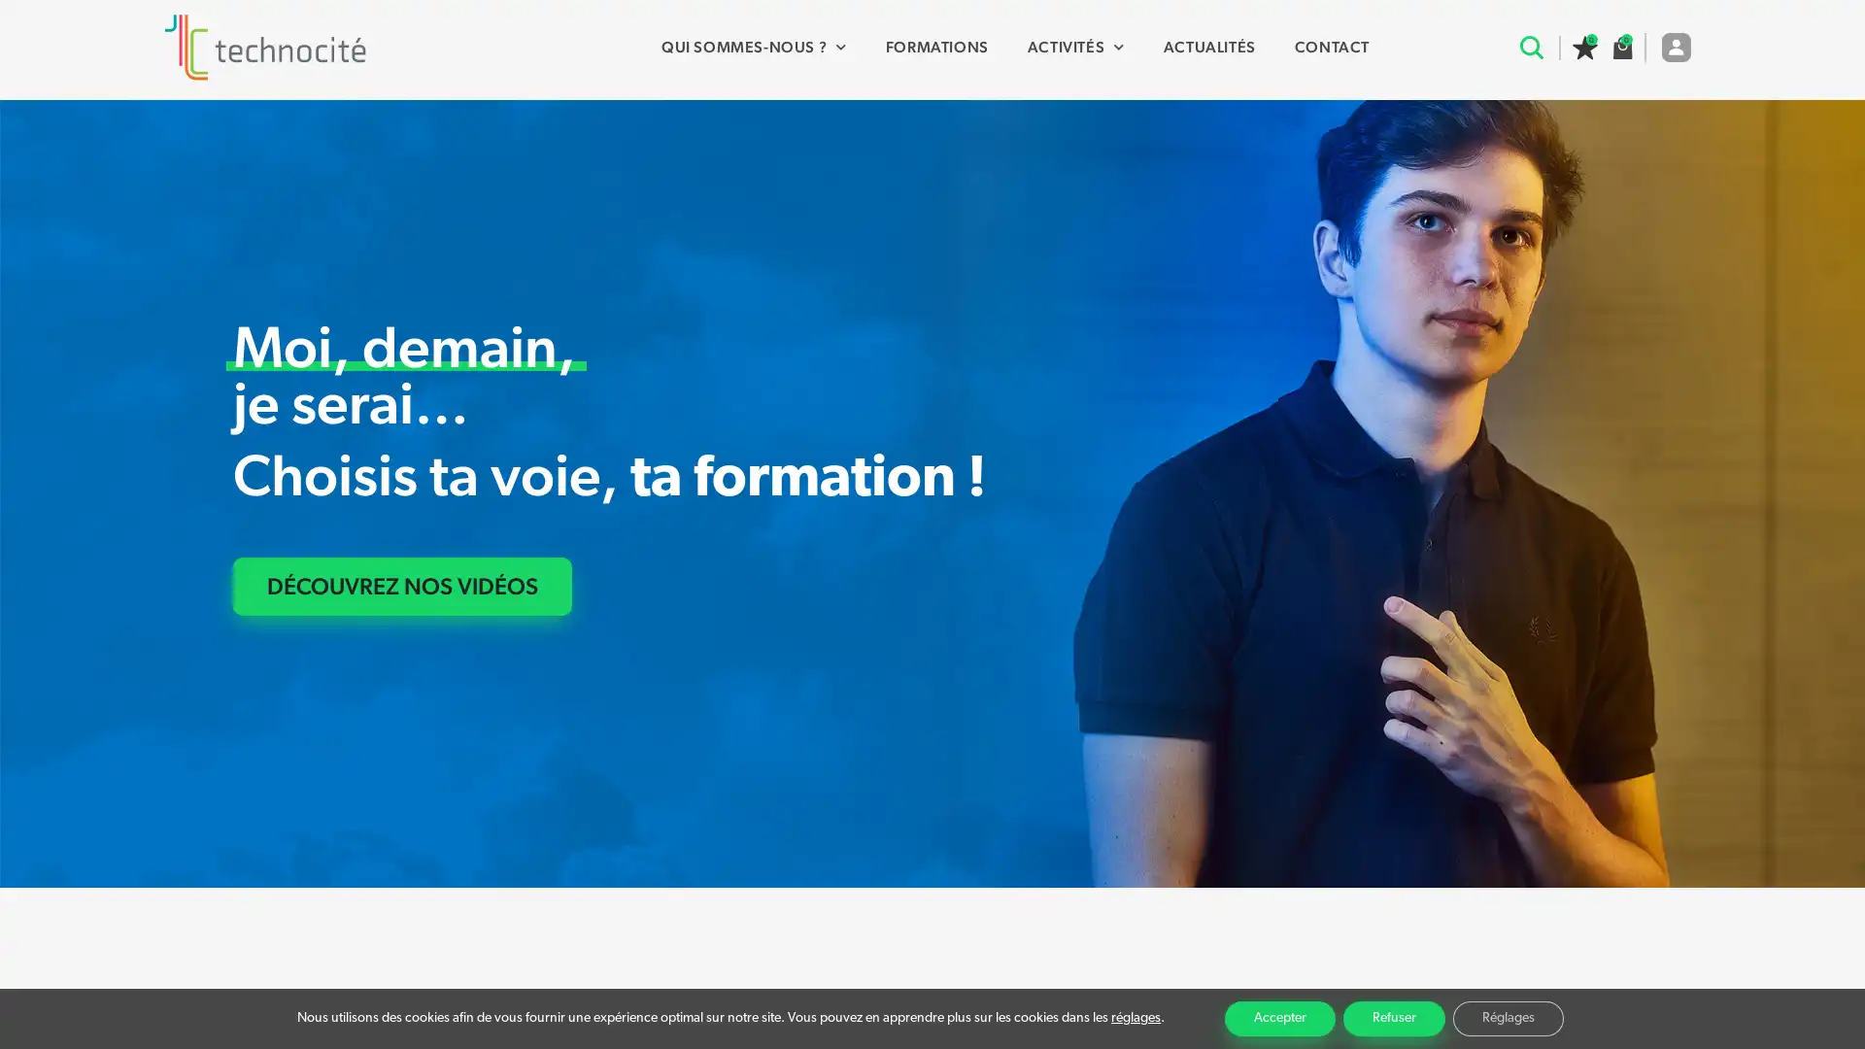  What do you see at coordinates (1506, 1018) in the screenshot?
I see `Reglages` at bounding box center [1506, 1018].